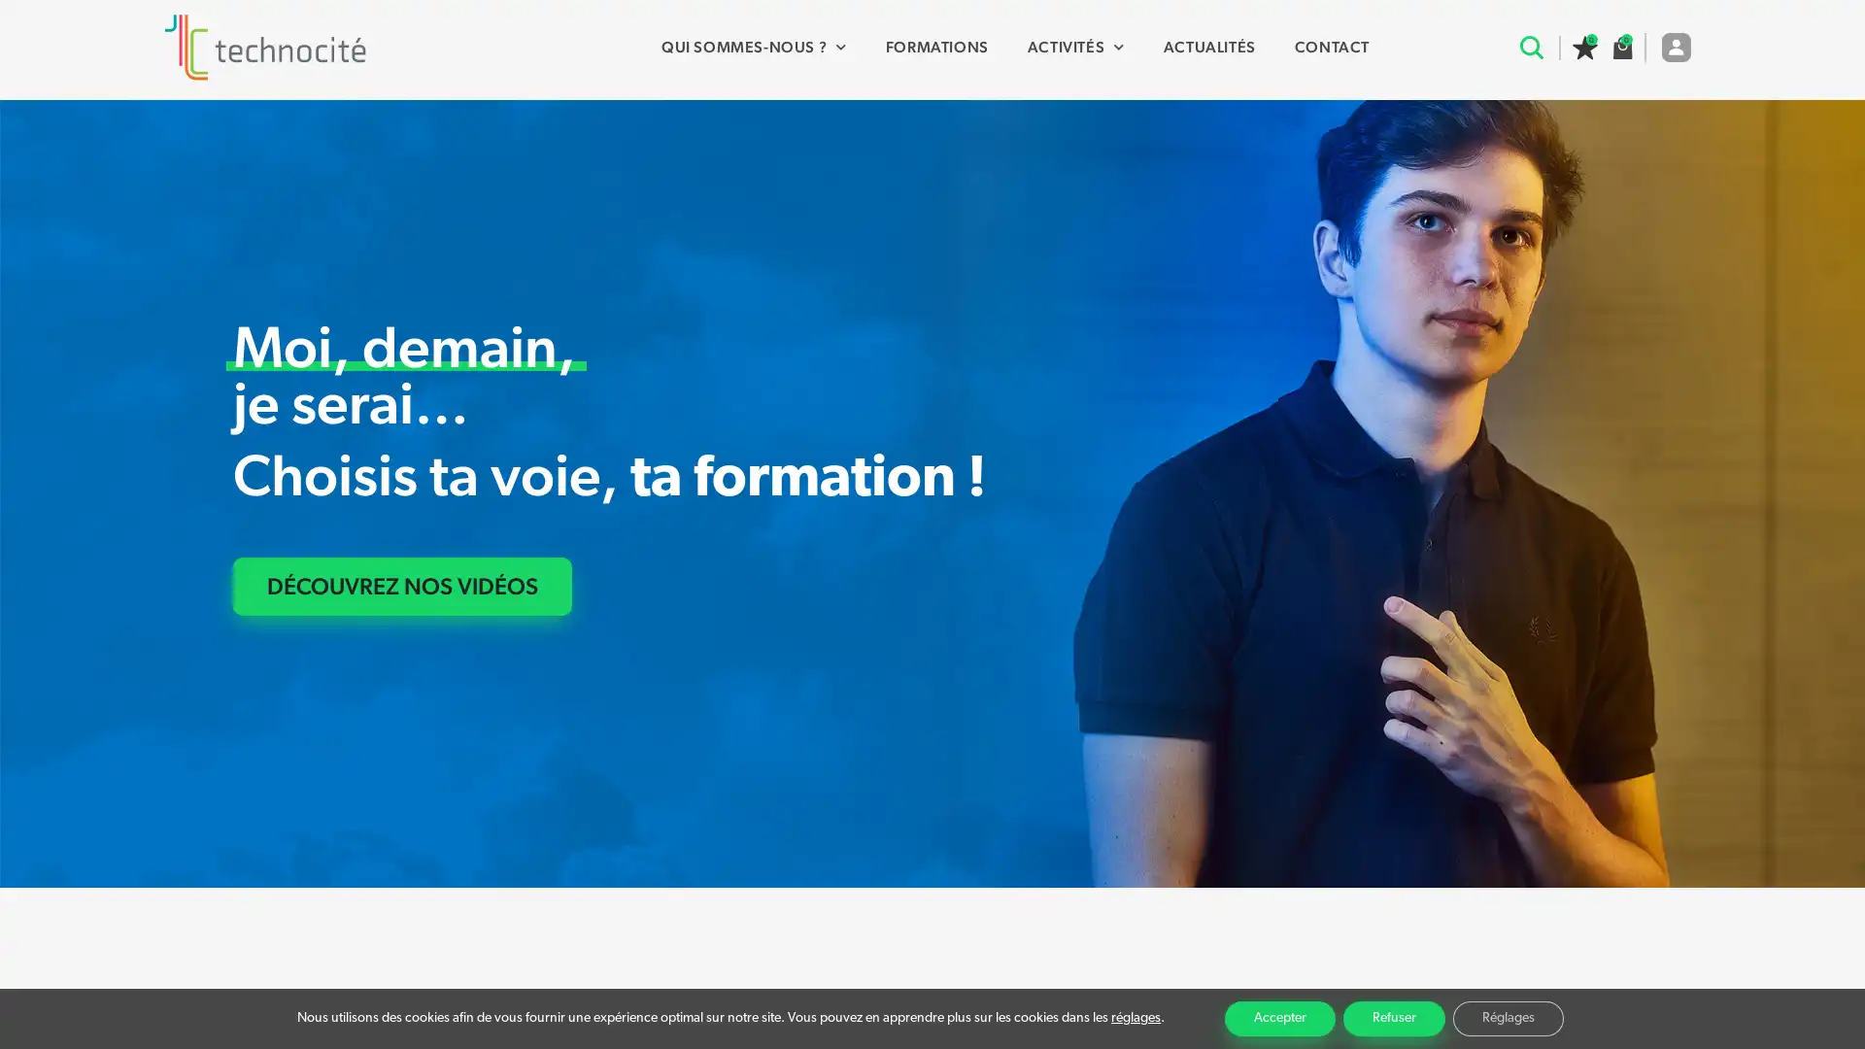  What do you see at coordinates (1506, 1018) in the screenshot?
I see `Reglages` at bounding box center [1506, 1018].